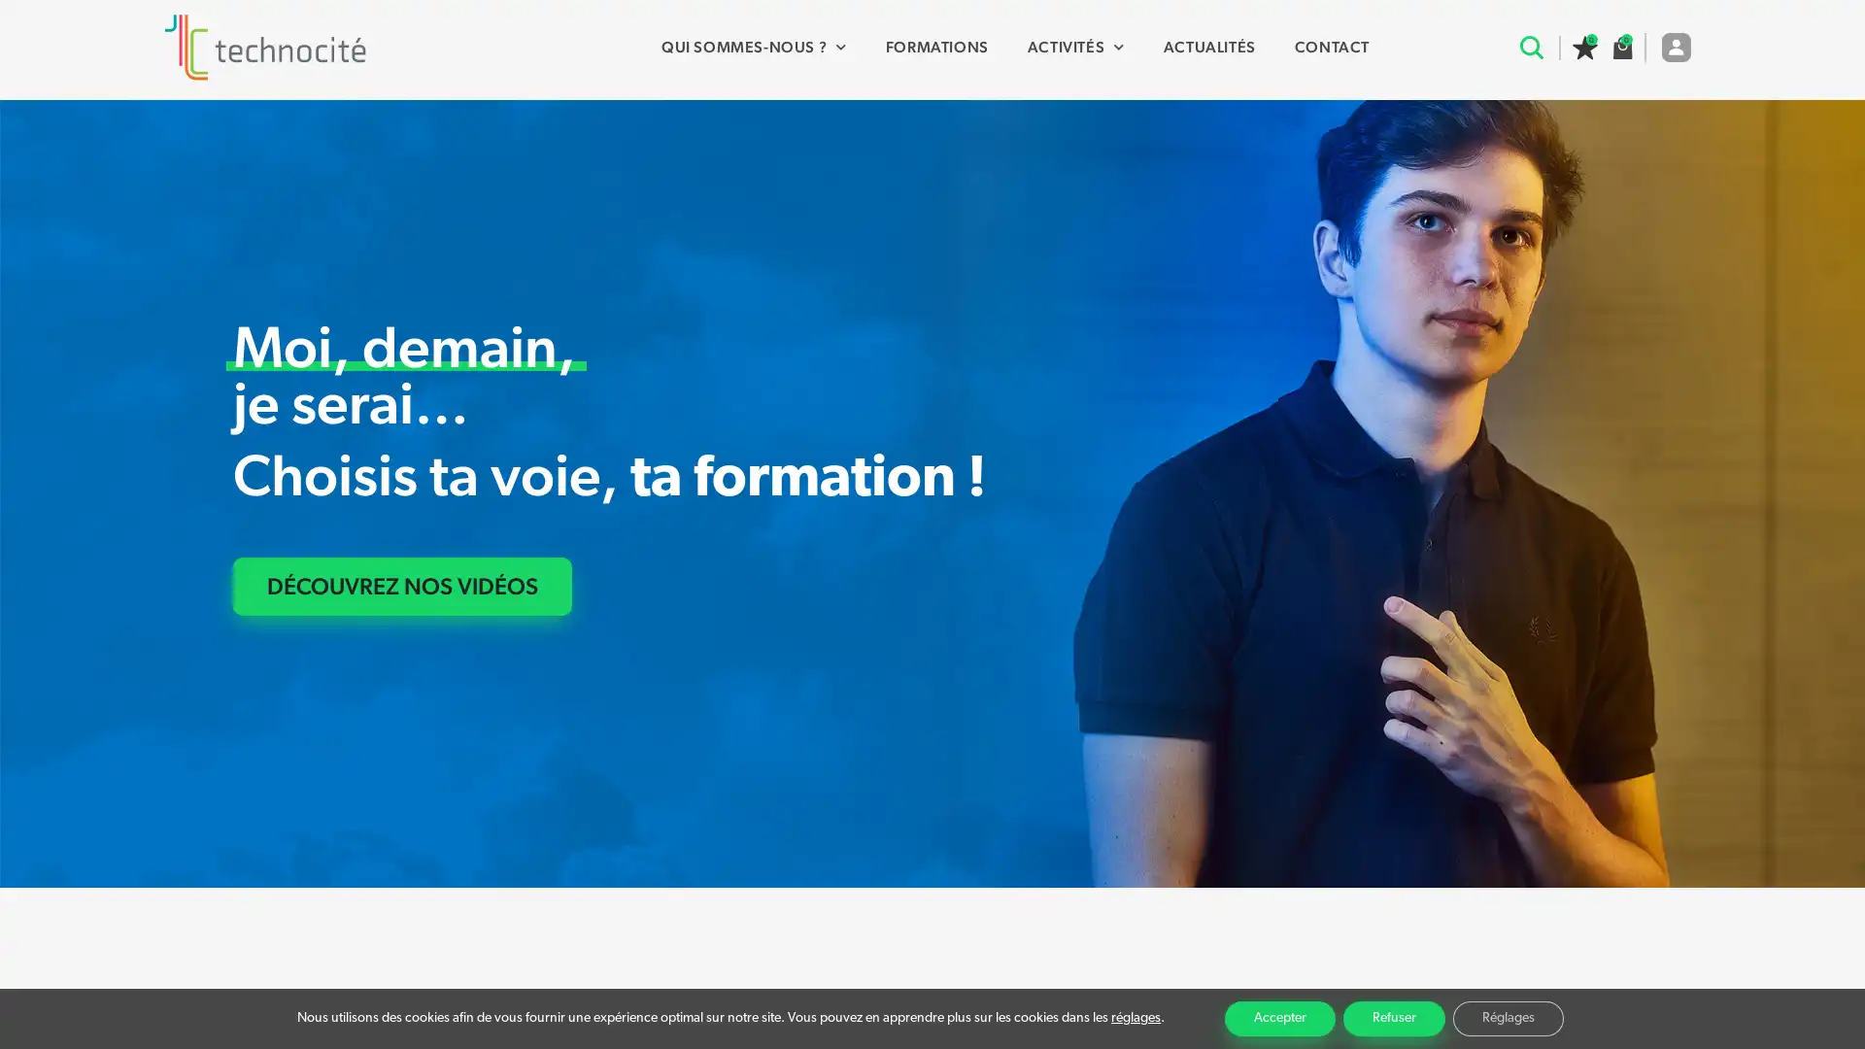  What do you see at coordinates (1506, 1018) in the screenshot?
I see `Reglages` at bounding box center [1506, 1018].